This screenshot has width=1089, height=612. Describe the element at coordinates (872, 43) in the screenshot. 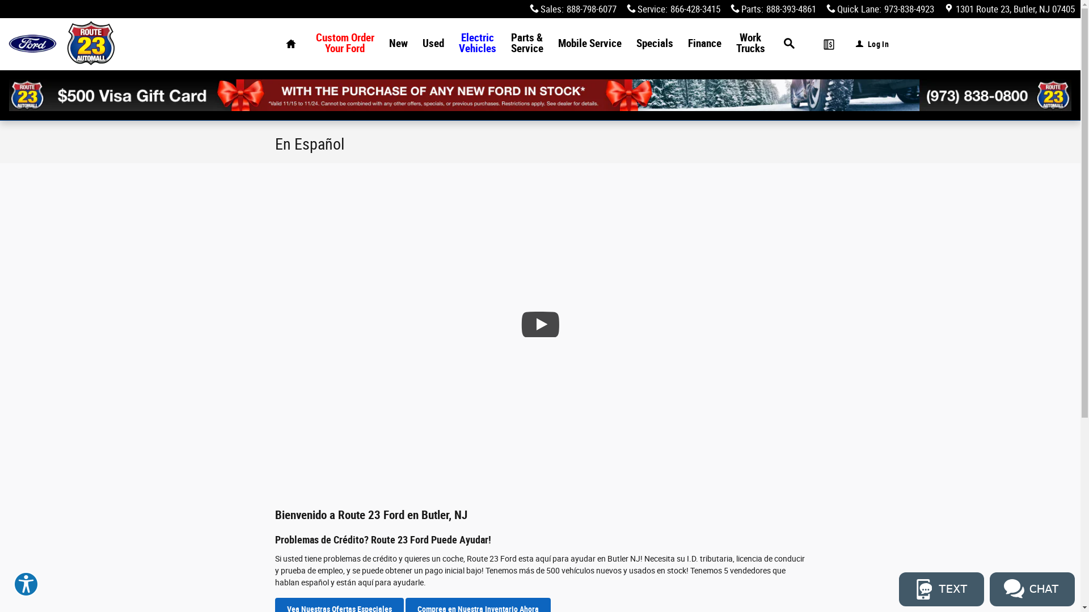

I see `'Log In'` at that location.